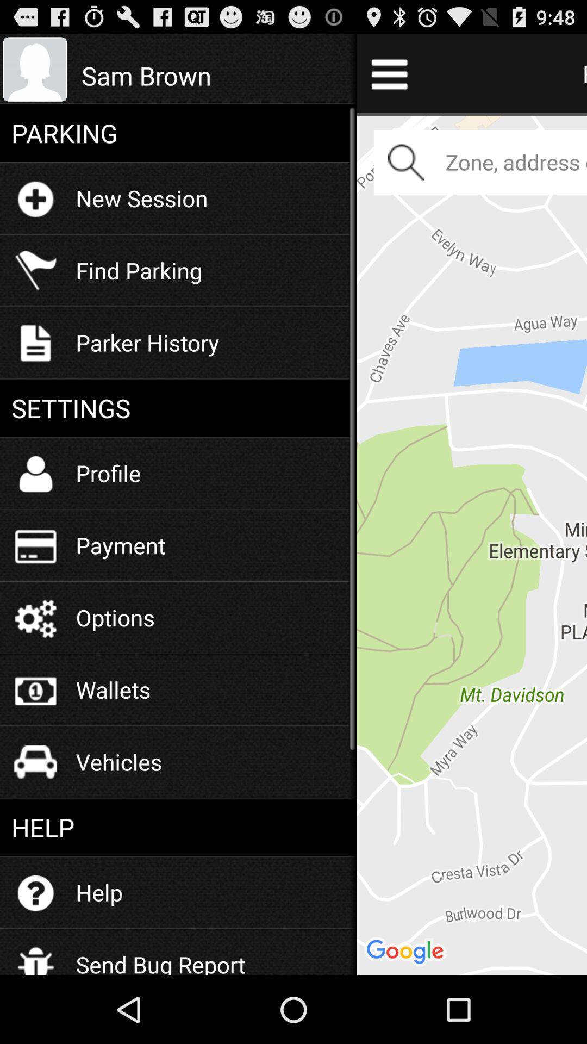  Describe the element at coordinates (213, 75) in the screenshot. I see `item above the parking item` at that location.